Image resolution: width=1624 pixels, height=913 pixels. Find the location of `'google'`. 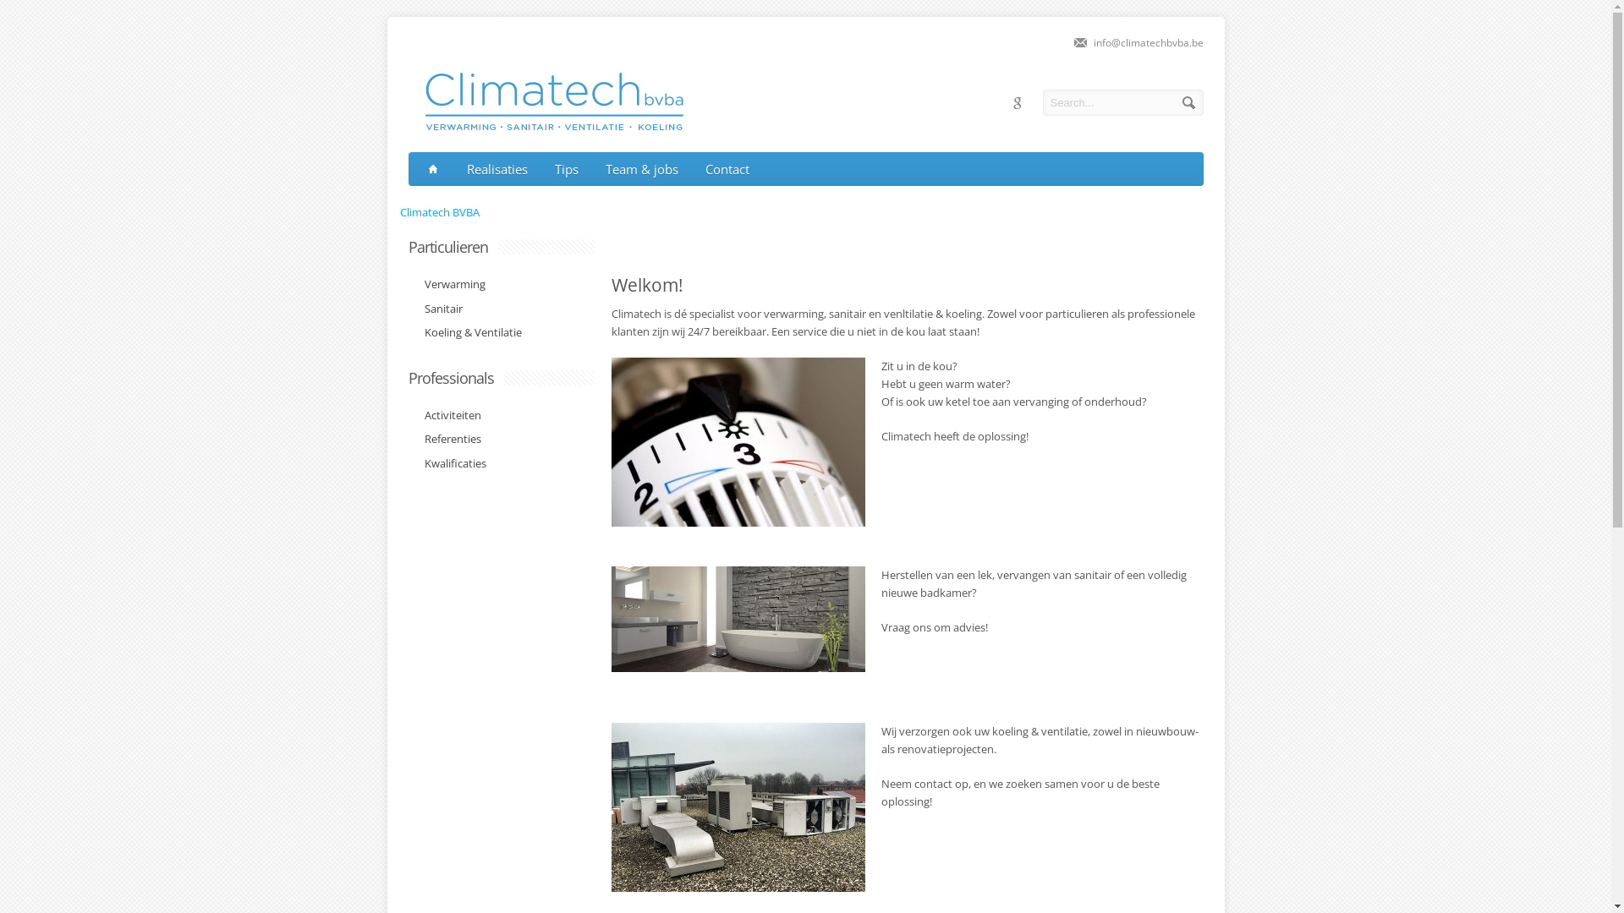

'google' is located at coordinates (1015, 103).